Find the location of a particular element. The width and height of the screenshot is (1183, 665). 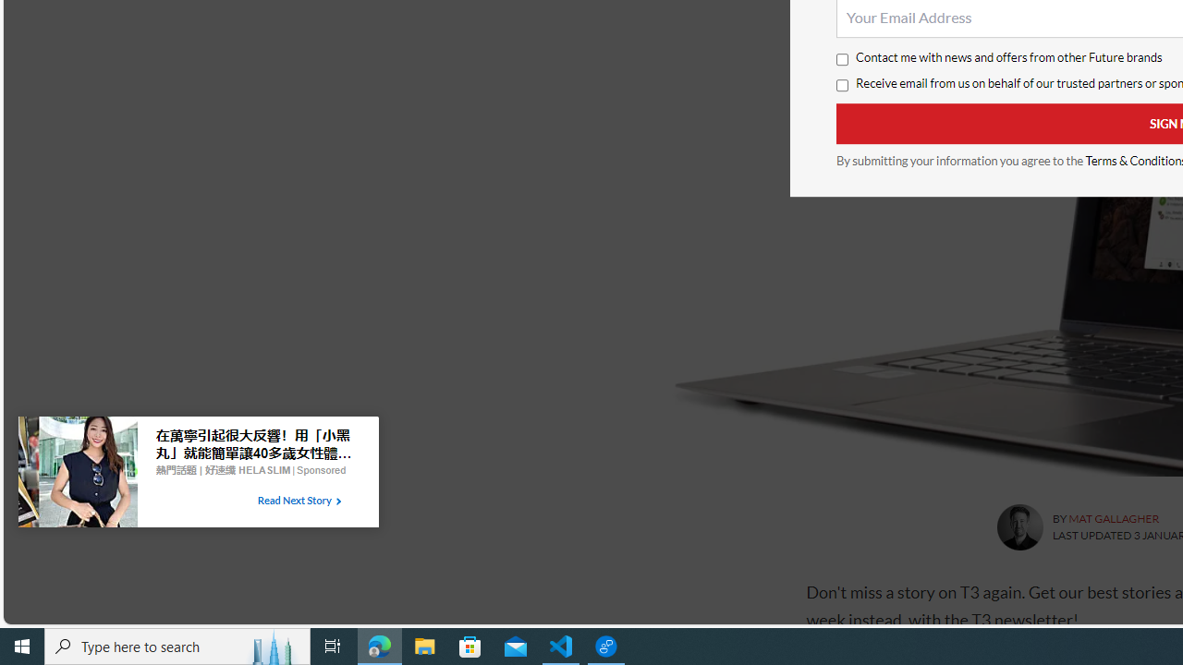

'MAT GALLAGHER' is located at coordinates (1113, 518).